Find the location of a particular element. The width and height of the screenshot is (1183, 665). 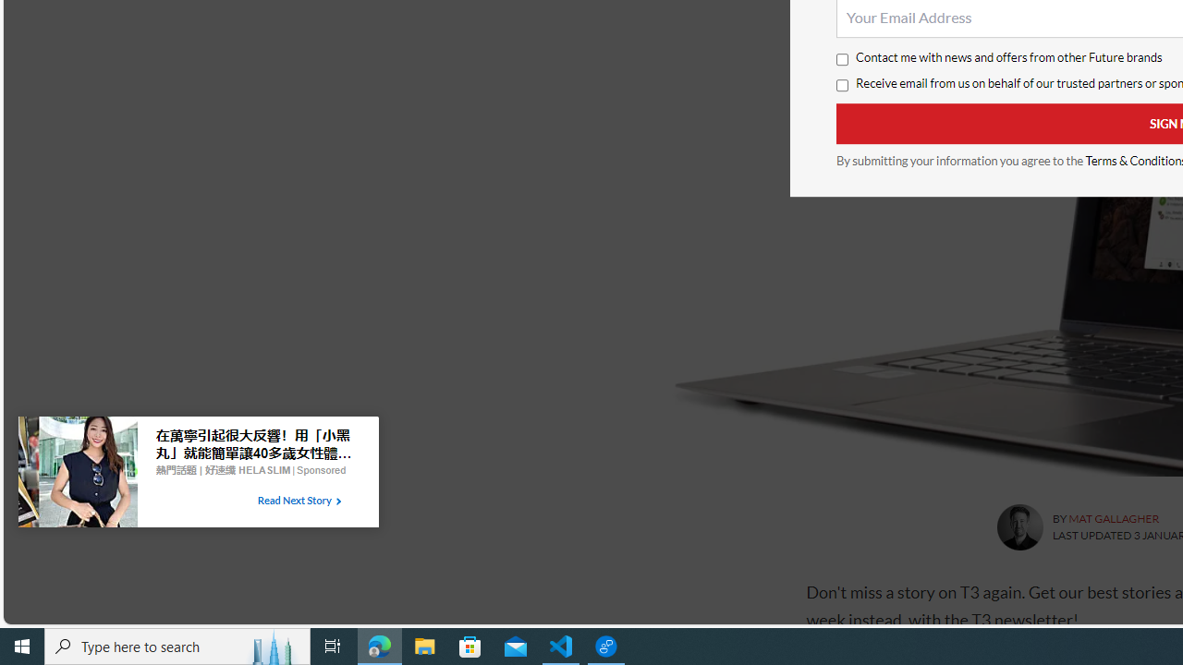

'MAT GALLAGHER' is located at coordinates (1113, 518).